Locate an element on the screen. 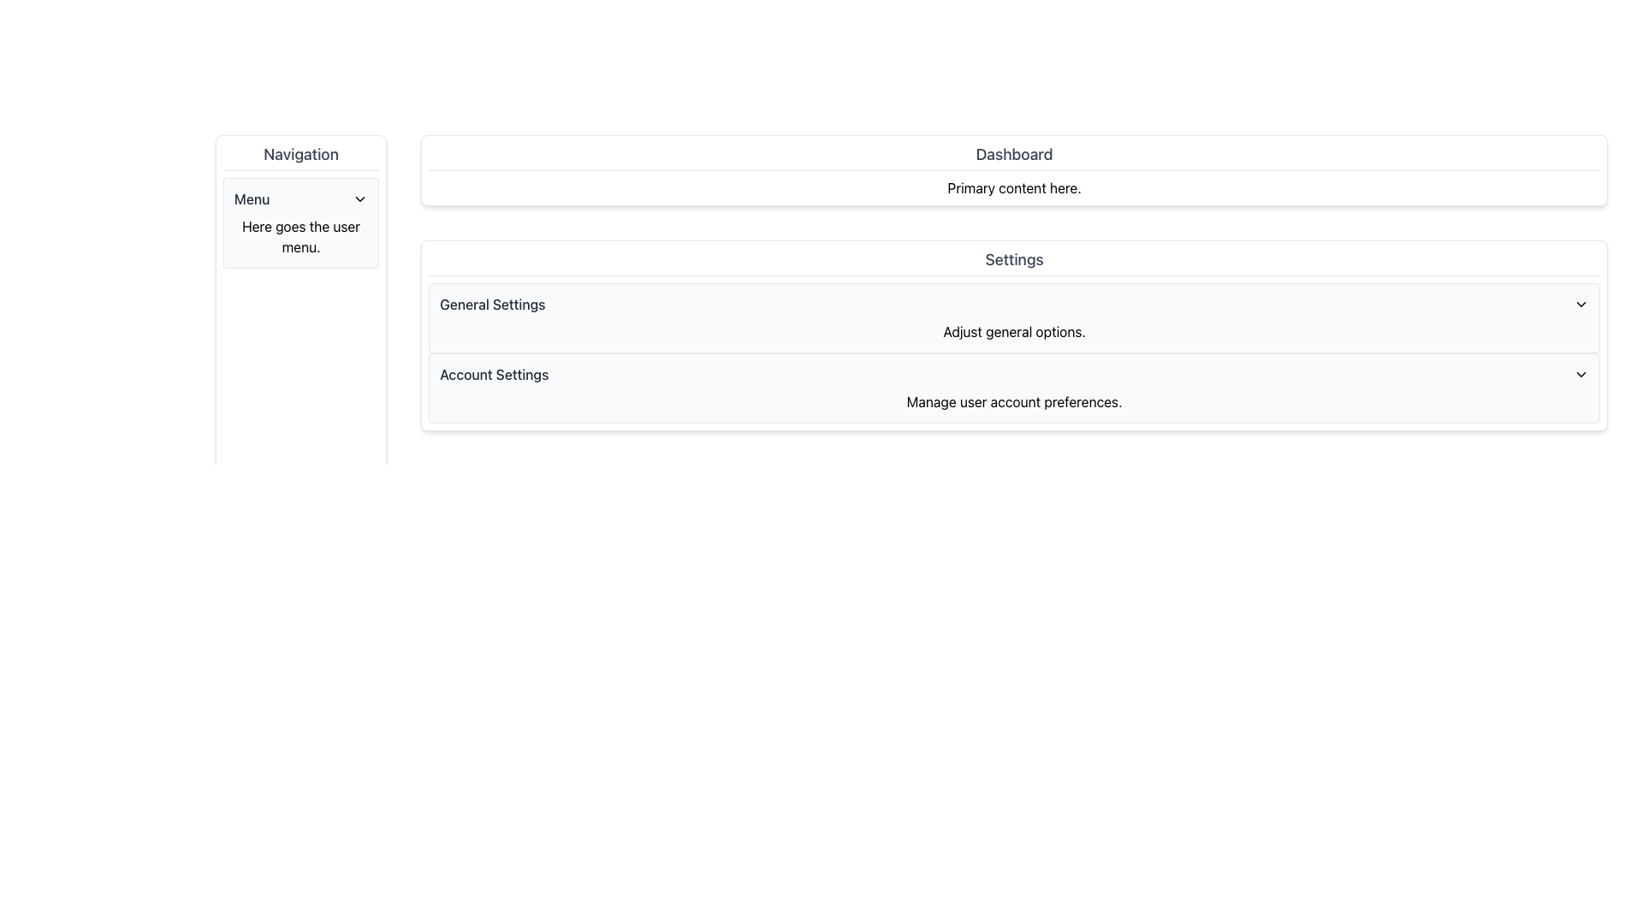  the static text providing descriptive information about the 'Account Settings' category, located directly under the 'Account Settings' heading in the settings interface is located at coordinates (1014, 402).